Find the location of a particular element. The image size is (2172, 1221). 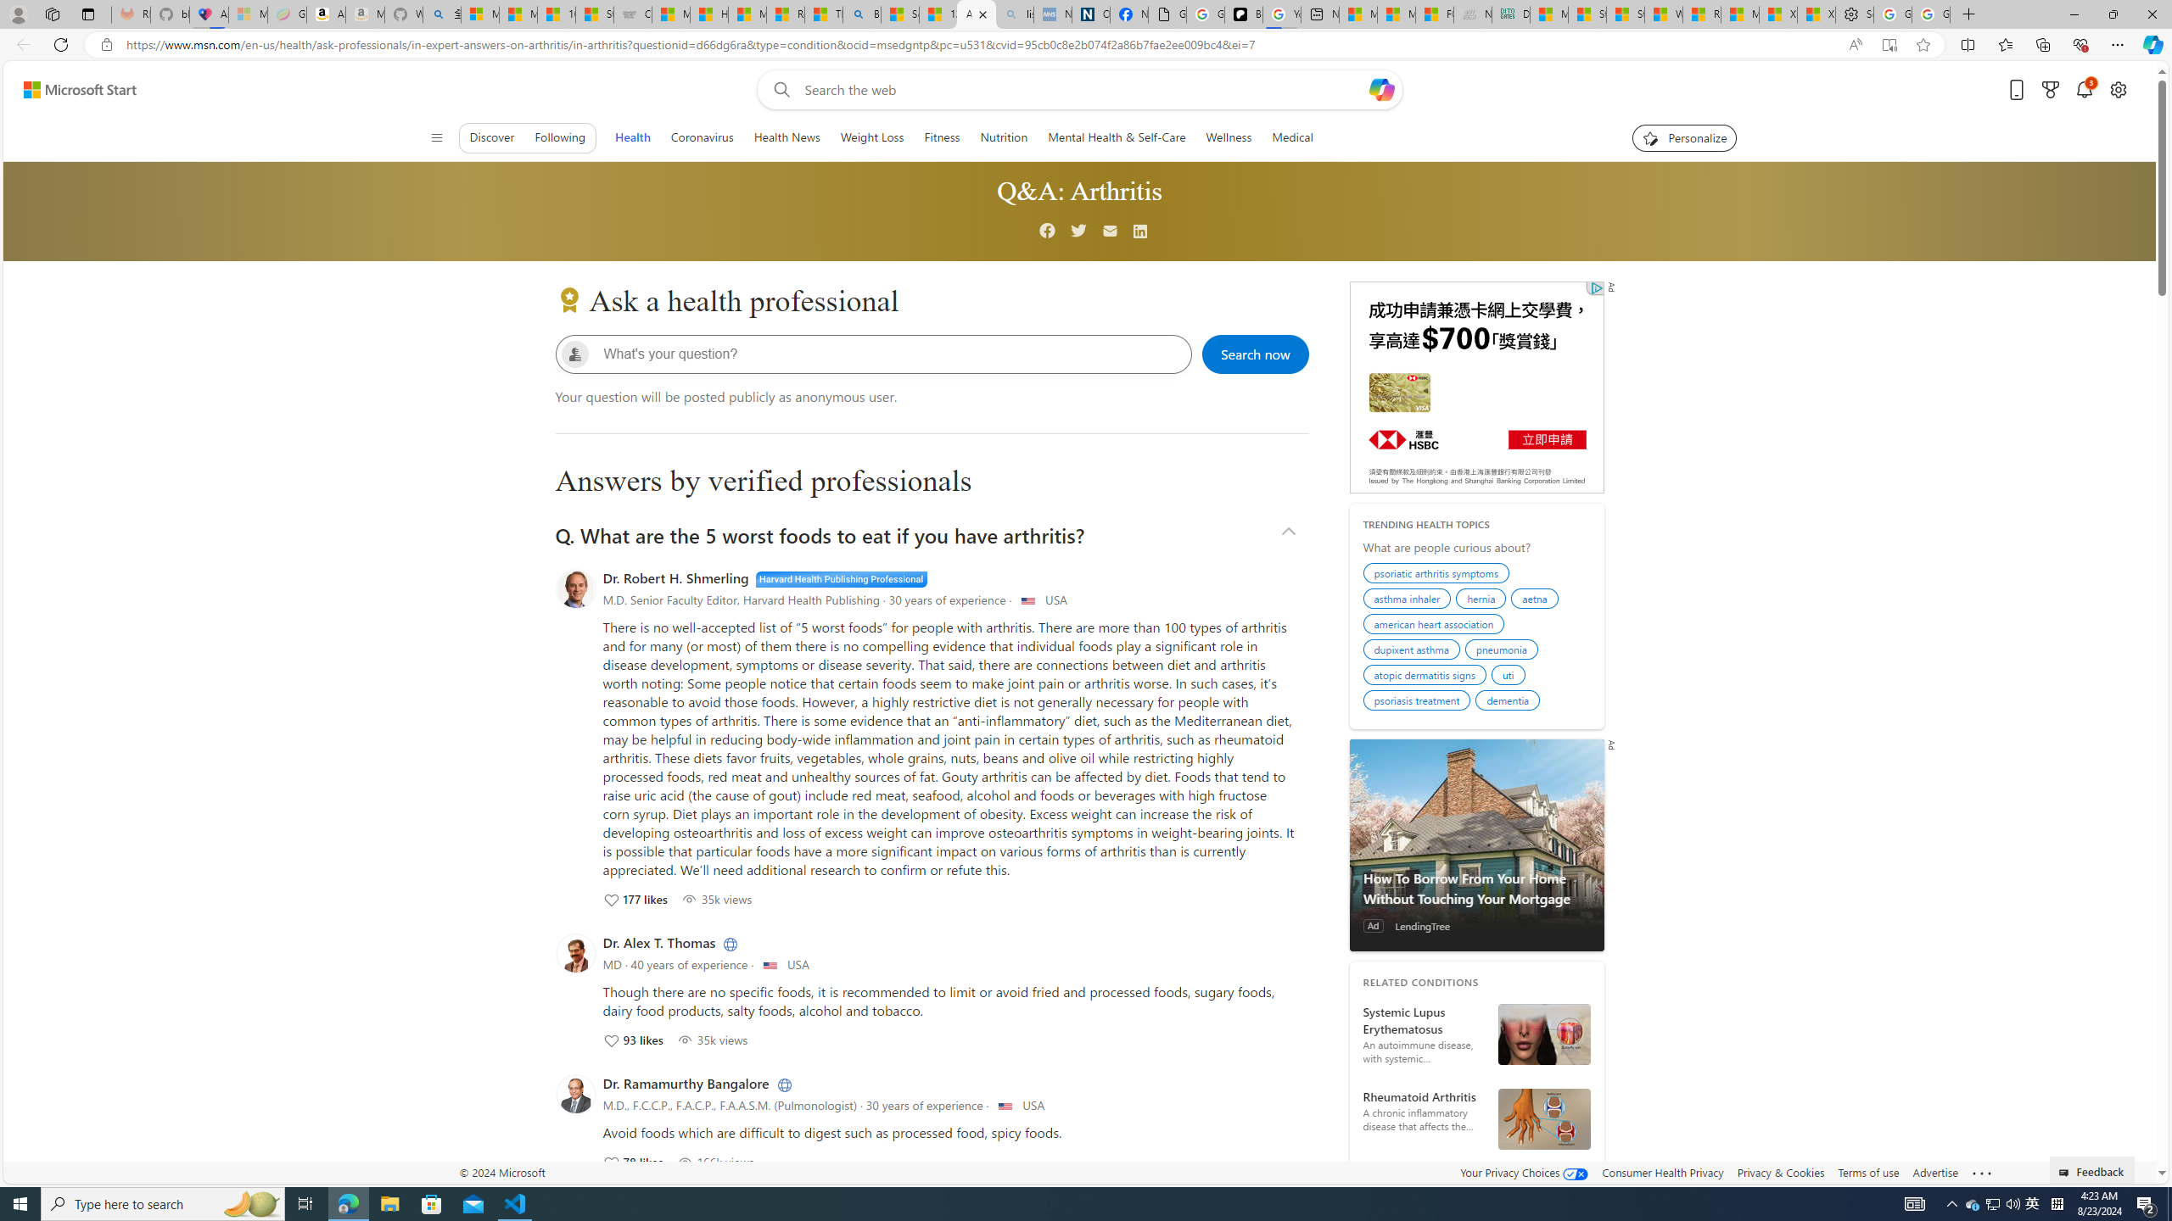

'Linkedin' is located at coordinates (1141, 231).